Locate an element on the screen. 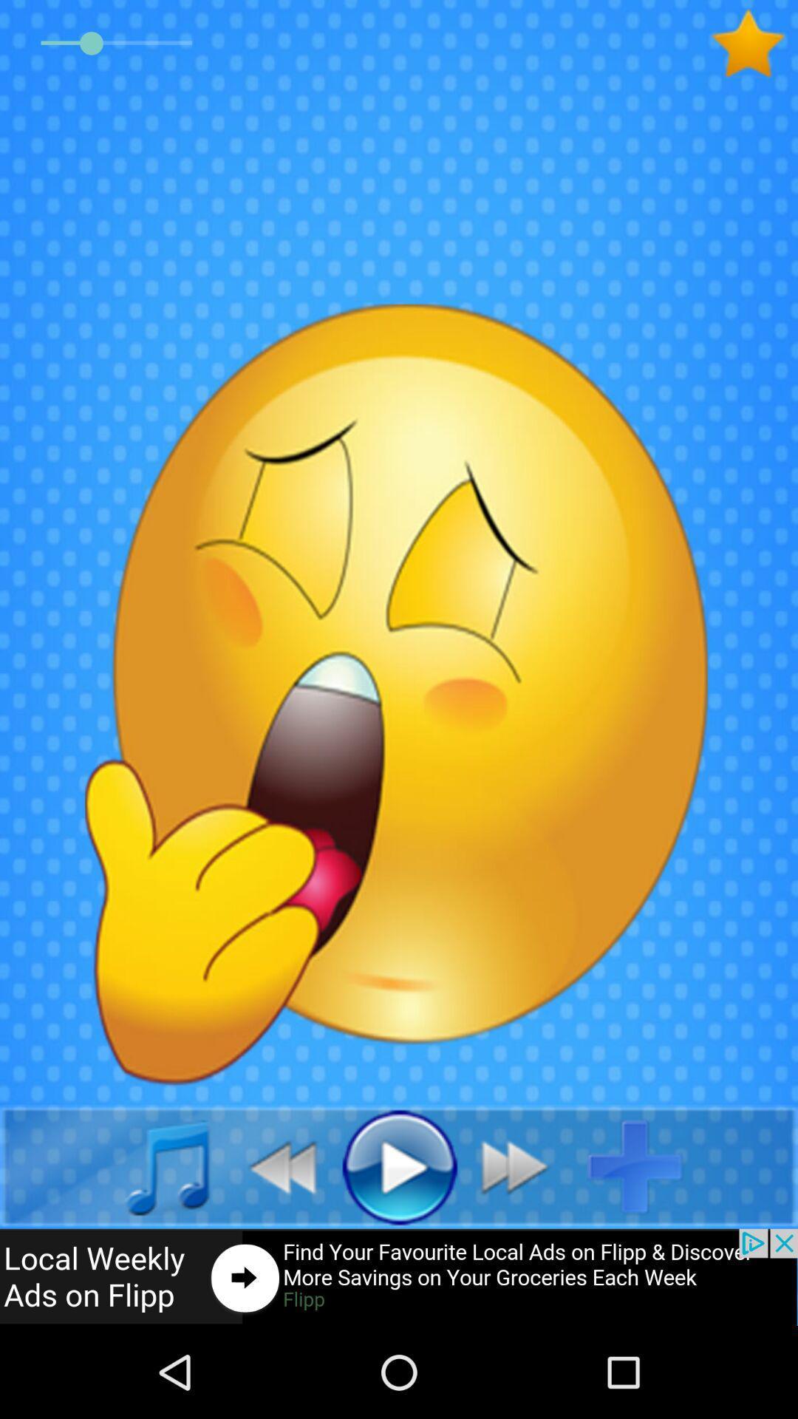 This screenshot has height=1419, width=798. go back is located at coordinates (274, 1166).